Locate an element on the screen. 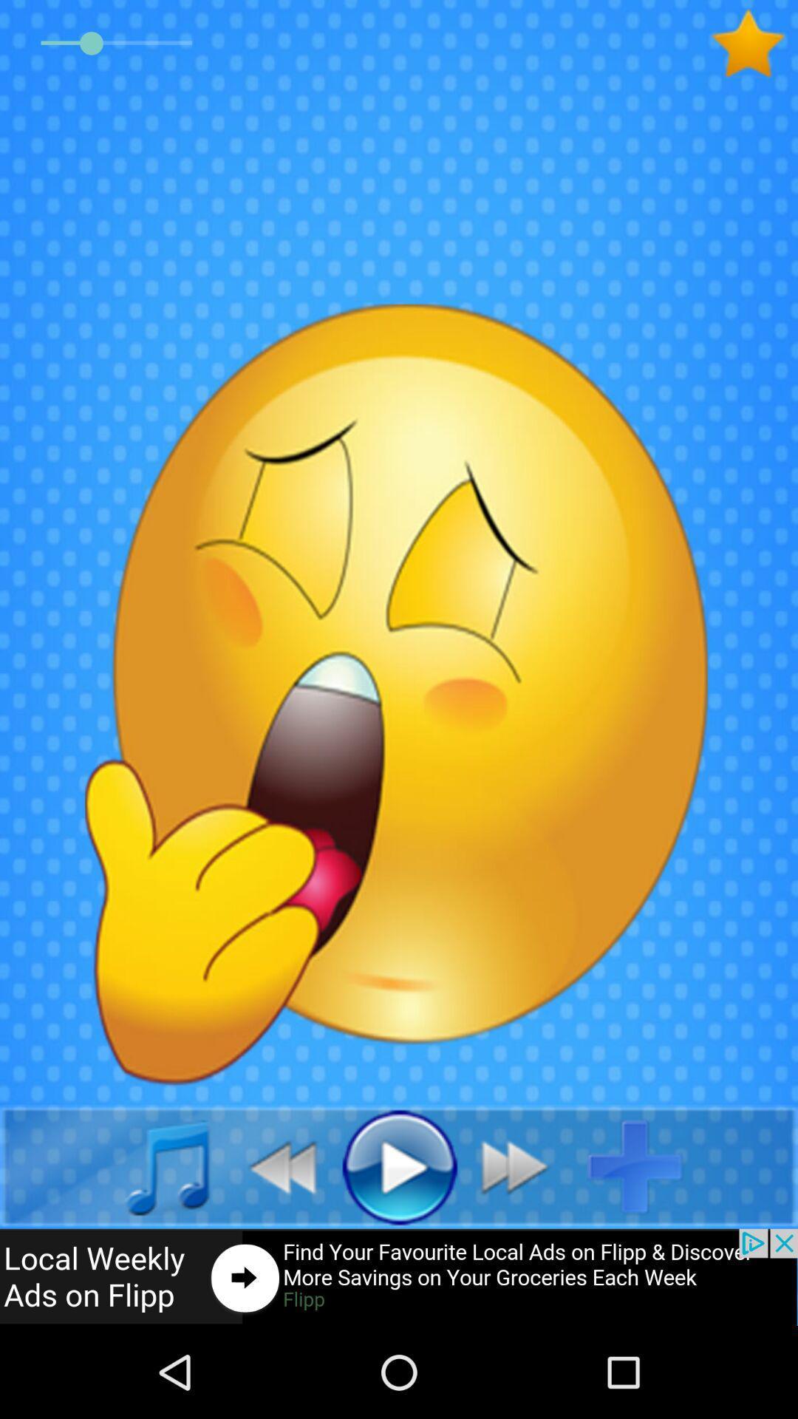 This screenshot has height=1419, width=798. go back is located at coordinates (274, 1166).